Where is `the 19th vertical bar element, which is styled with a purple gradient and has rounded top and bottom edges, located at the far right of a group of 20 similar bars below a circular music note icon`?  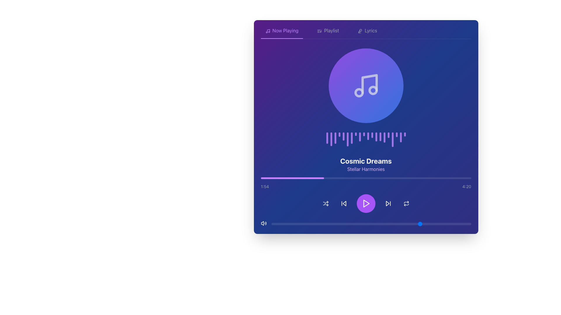 the 19th vertical bar element, which is styled with a purple gradient and has rounded top and bottom edges, located at the far right of a group of 20 similar bars below a circular music note icon is located at coordinates (400, 137).